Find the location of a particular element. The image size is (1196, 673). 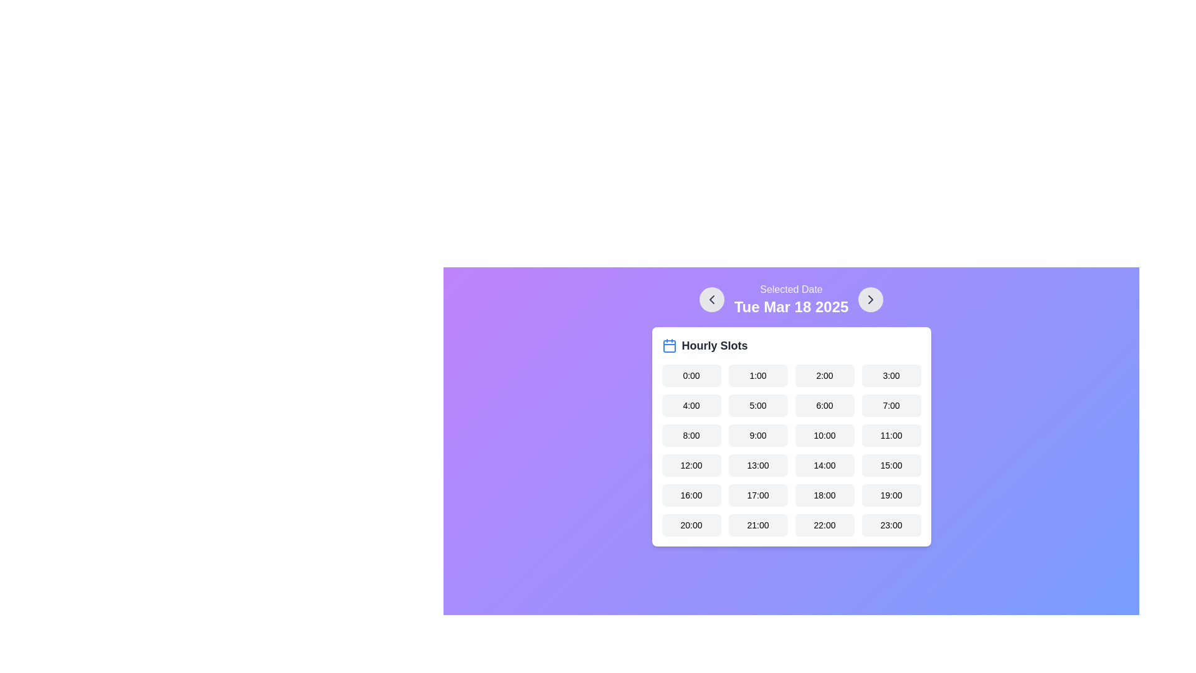

the '6:00' button, which is the seventh button in a grid layout of time slots, located in the second row and third column is located at coordinates (825, 406).